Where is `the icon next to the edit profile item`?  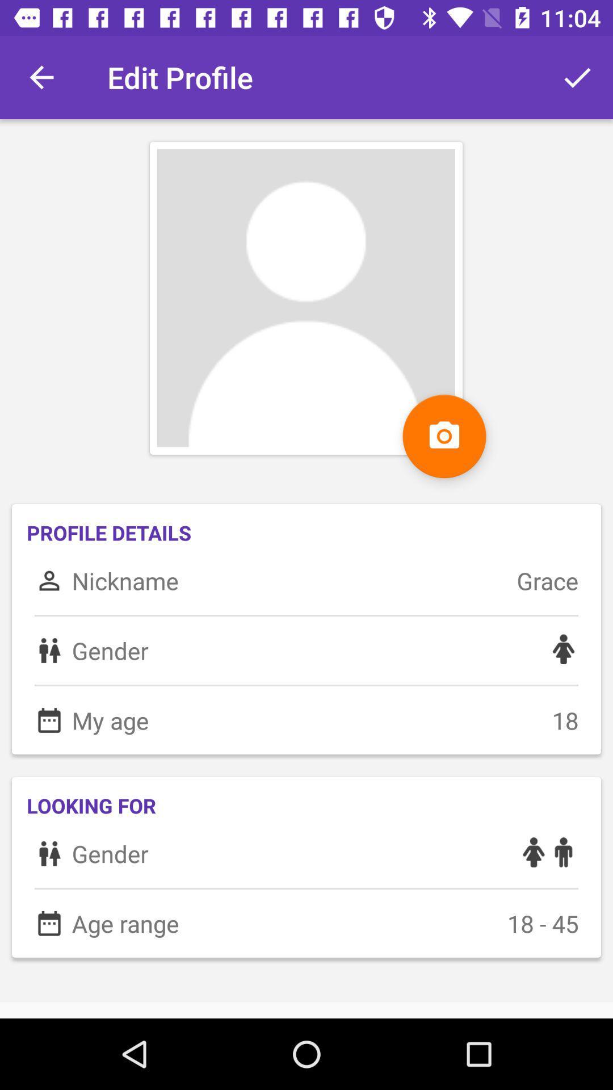 the icon next to the edit profile item is located at coordinates (41, 77).